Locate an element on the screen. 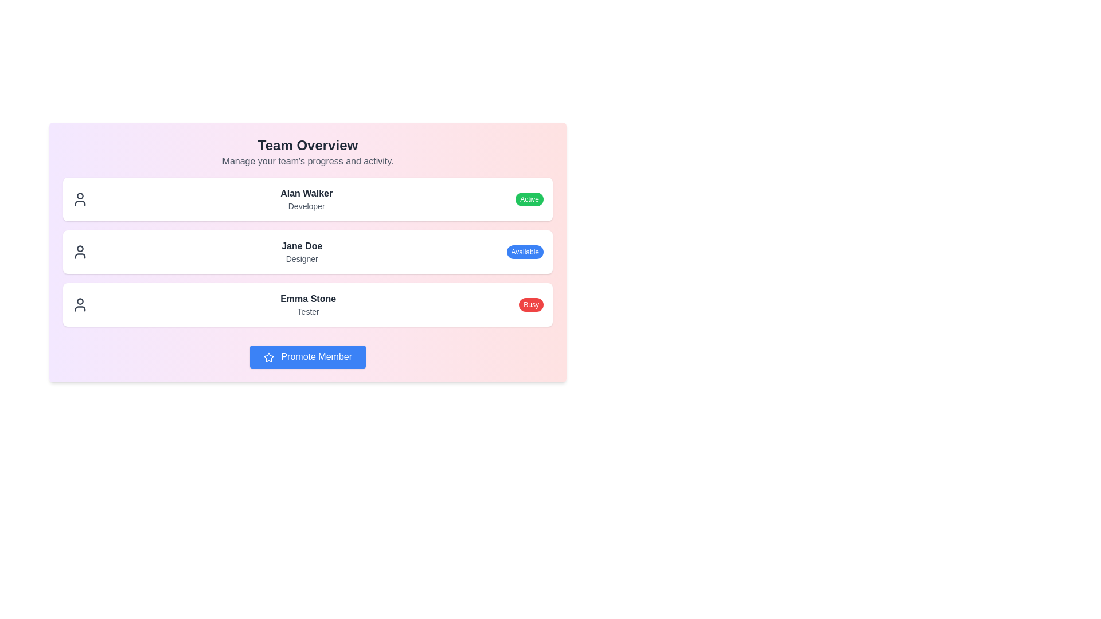 The height and width of the screenshot is (619, 1101). the text label 'Alan Walker' displayed in bold dark gray font, which is the first entry in the team members list above the role 'Developer' is located at coordinates (306, 193).